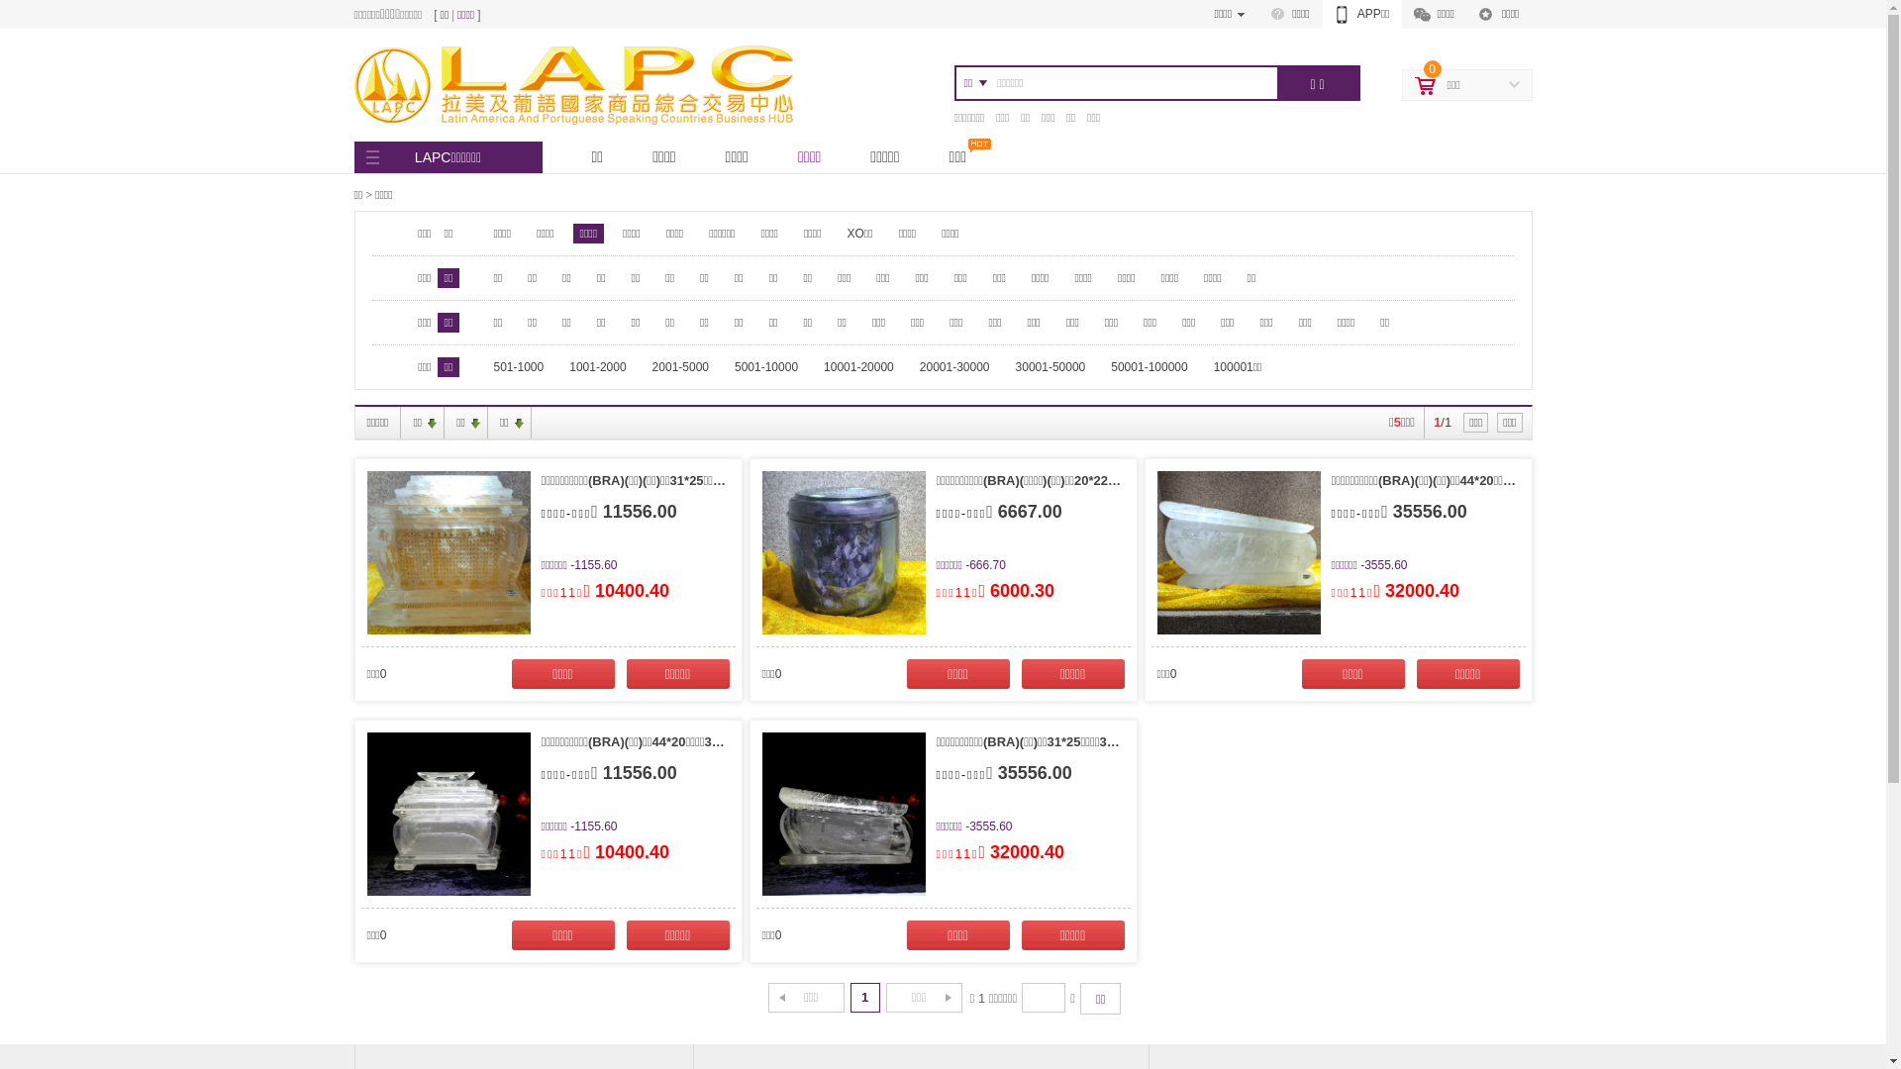 This screenshot has width=1901, height=1069. Describe the element at coordinates (1050, 366) in the screenshot. I see `'30001-50000'` at that location.